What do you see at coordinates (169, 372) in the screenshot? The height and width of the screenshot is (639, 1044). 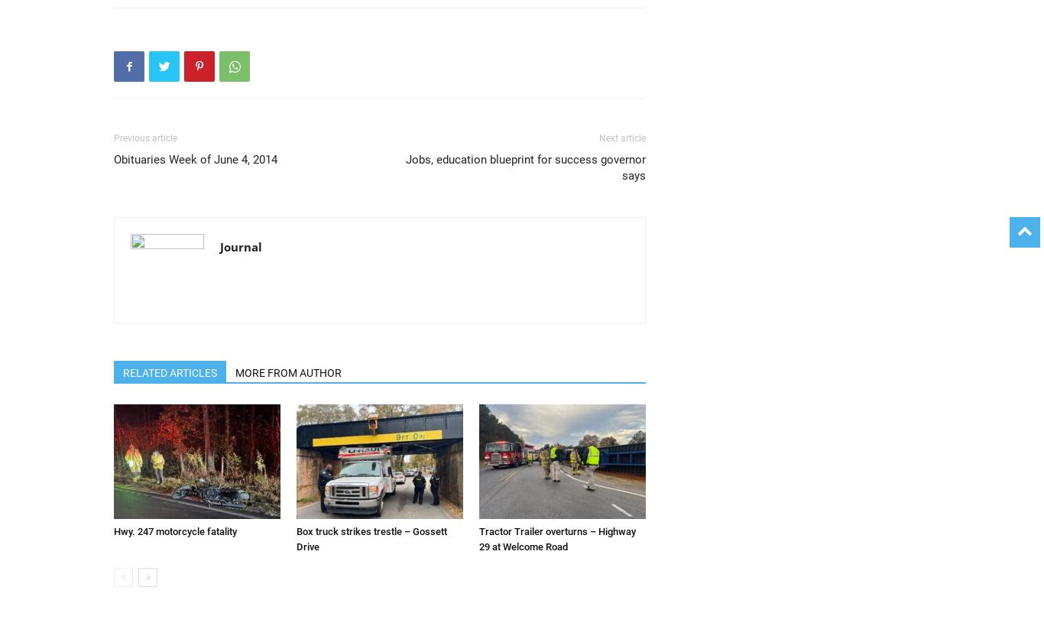 I see `'RELATED ARTICLES'` at bounding box center [169, 372].